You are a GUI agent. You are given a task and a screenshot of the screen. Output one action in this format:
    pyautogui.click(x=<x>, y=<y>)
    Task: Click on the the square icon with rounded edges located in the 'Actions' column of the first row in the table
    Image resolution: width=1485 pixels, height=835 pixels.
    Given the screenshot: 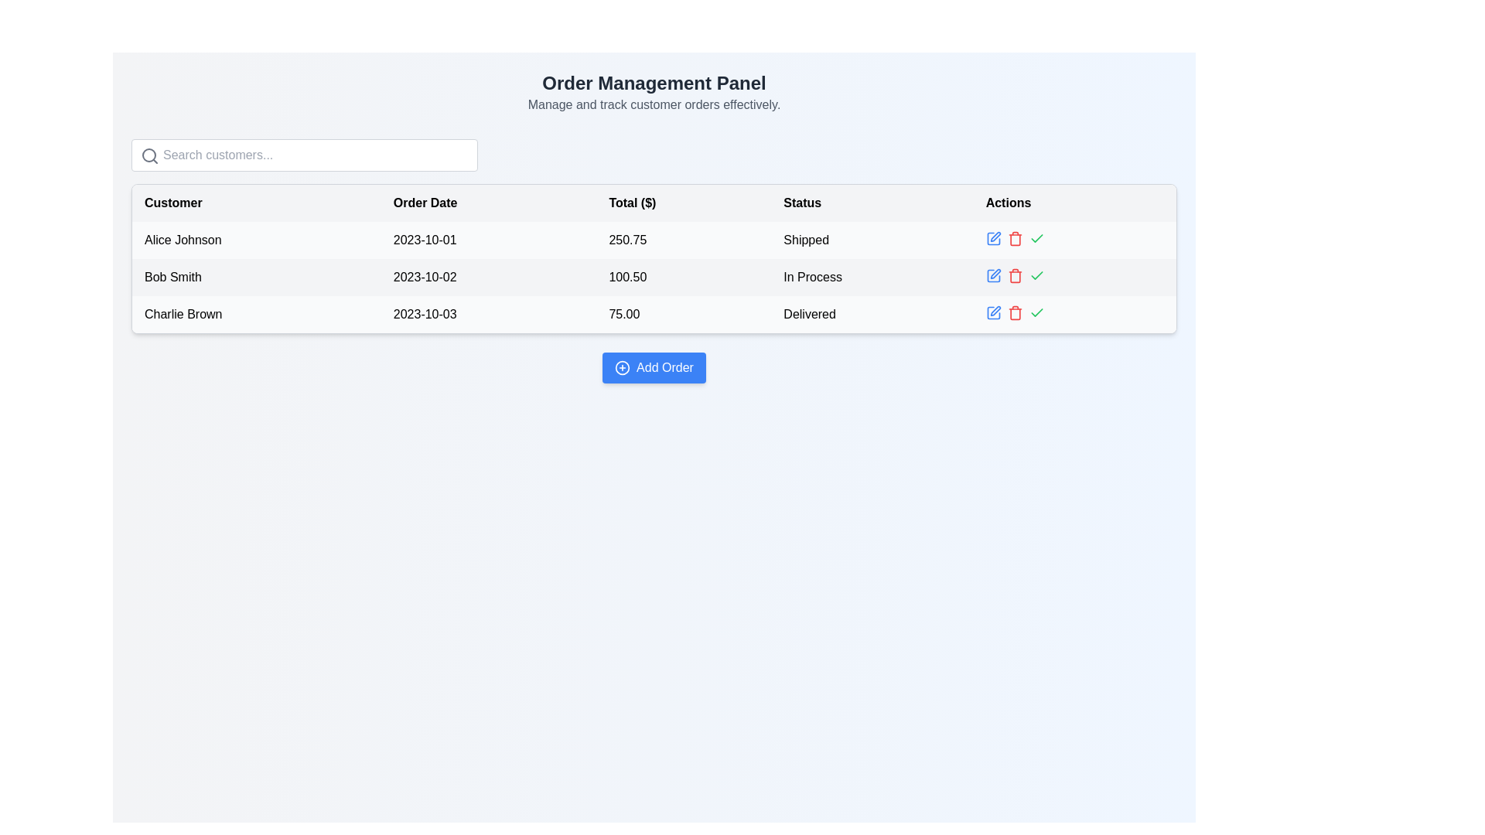 What is the action you would take?
    pyautogui.click(x=993, y=238)
    